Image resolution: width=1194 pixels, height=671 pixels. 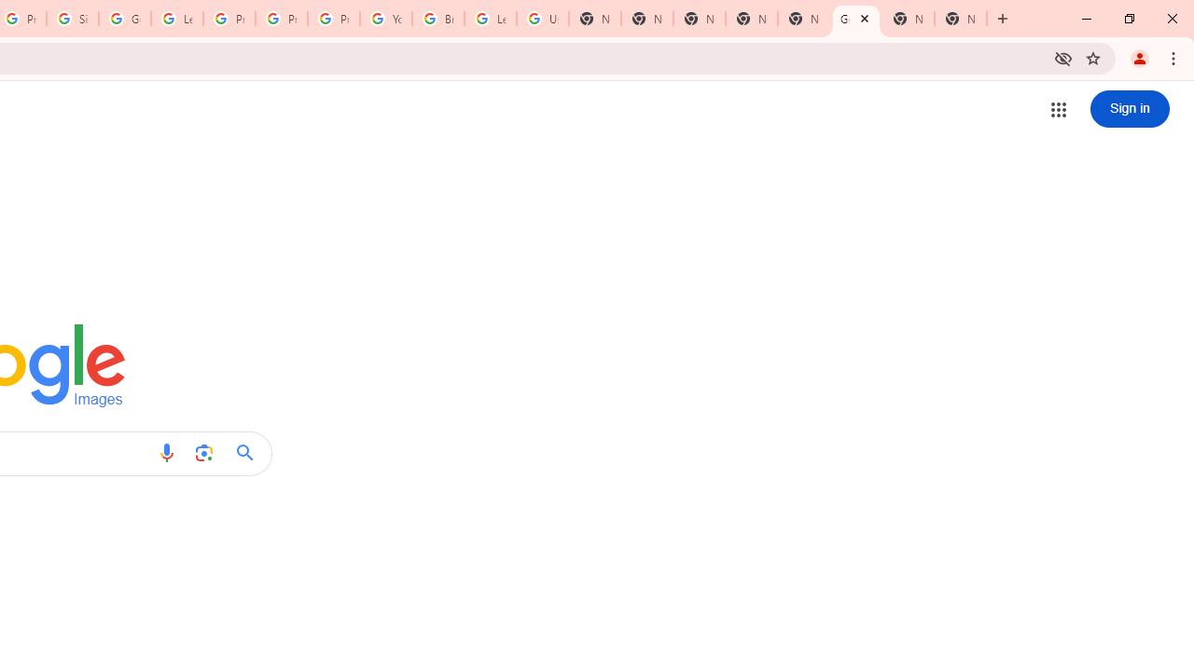 I want to click on 'Google Search', so click(x=249, y=453).